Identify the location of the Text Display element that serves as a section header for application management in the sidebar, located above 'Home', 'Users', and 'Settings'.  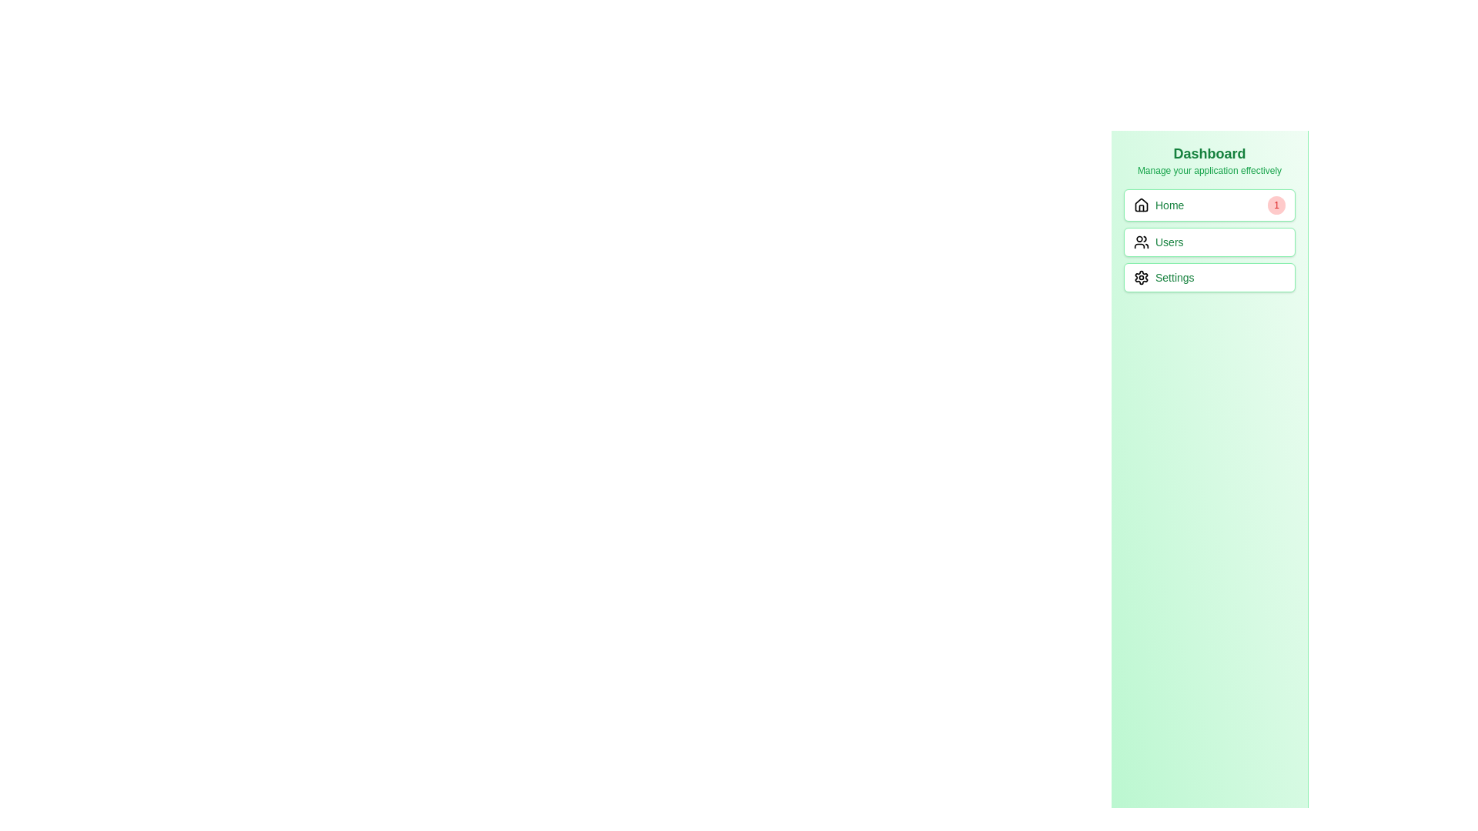
(1209, 160).